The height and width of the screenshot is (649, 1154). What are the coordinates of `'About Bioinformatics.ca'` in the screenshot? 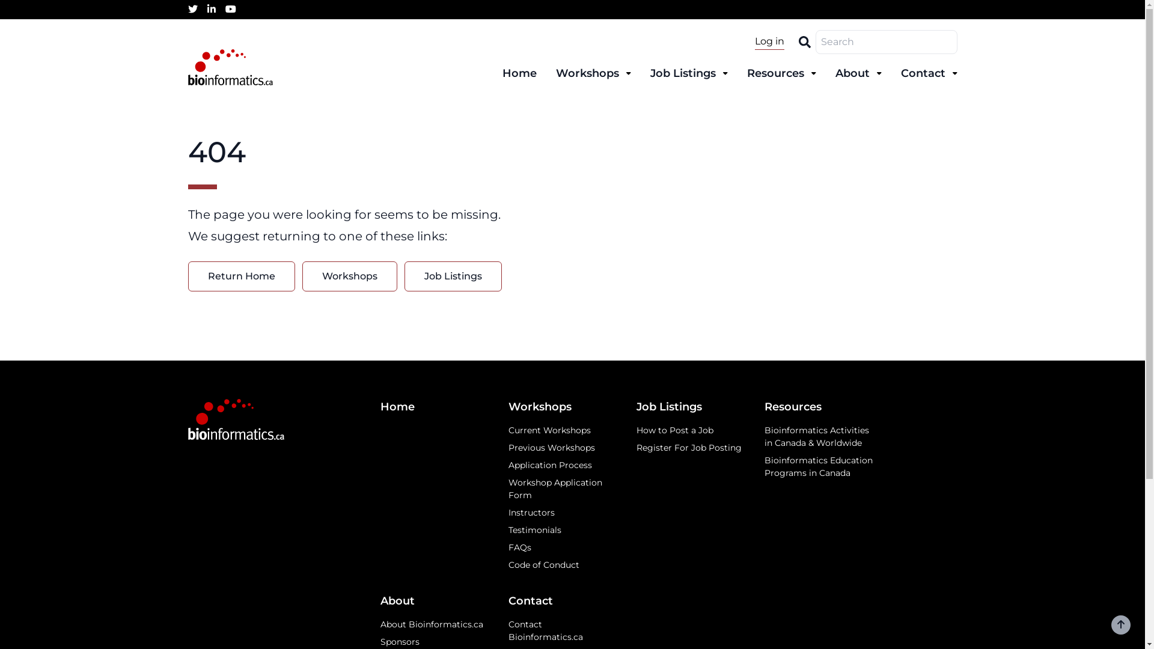 It's located at (434, 624).